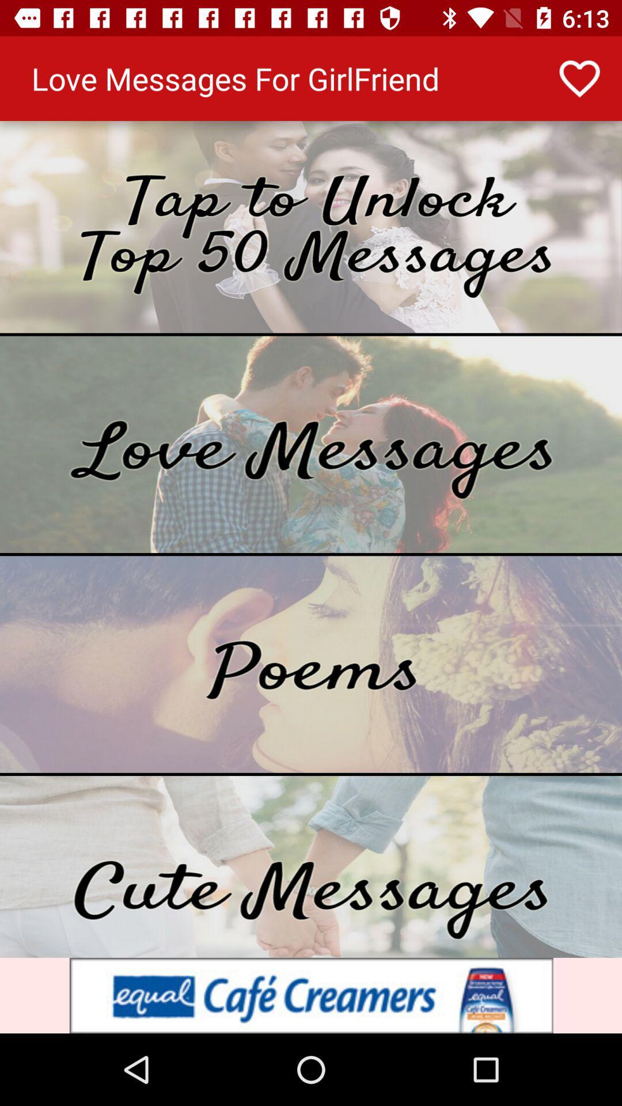 This screenshot has width=622, height=1106. Describe the element at coordinates (311, 664) in the screenshot. I see `shows a list of poems` at that location.